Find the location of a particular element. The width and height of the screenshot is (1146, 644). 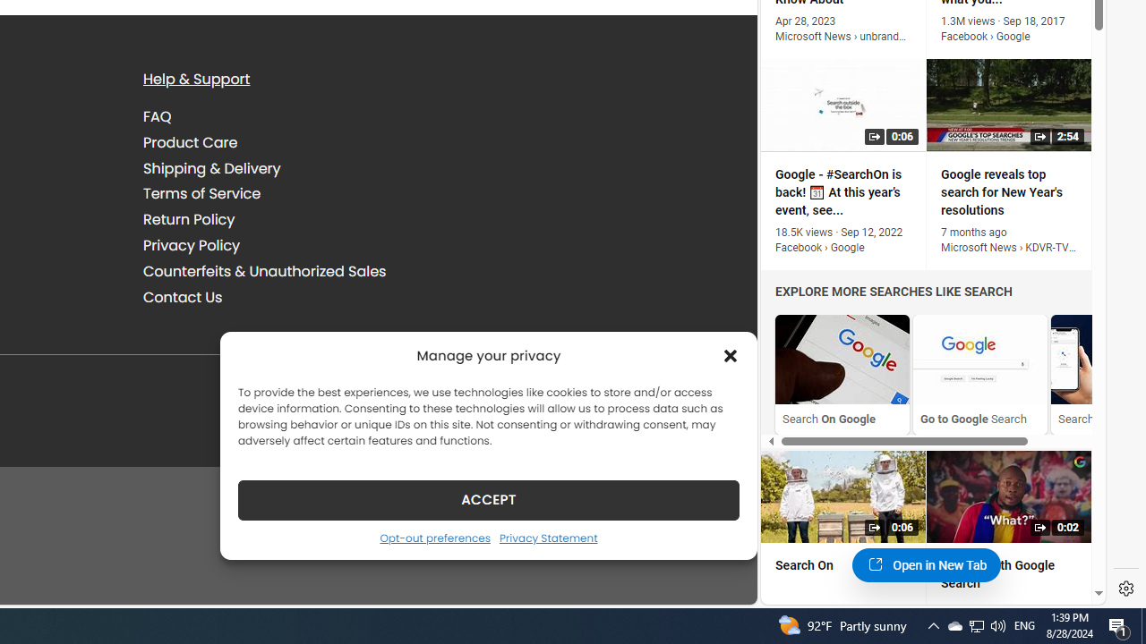

'Contact Us' is located at coordinates (183, 295).